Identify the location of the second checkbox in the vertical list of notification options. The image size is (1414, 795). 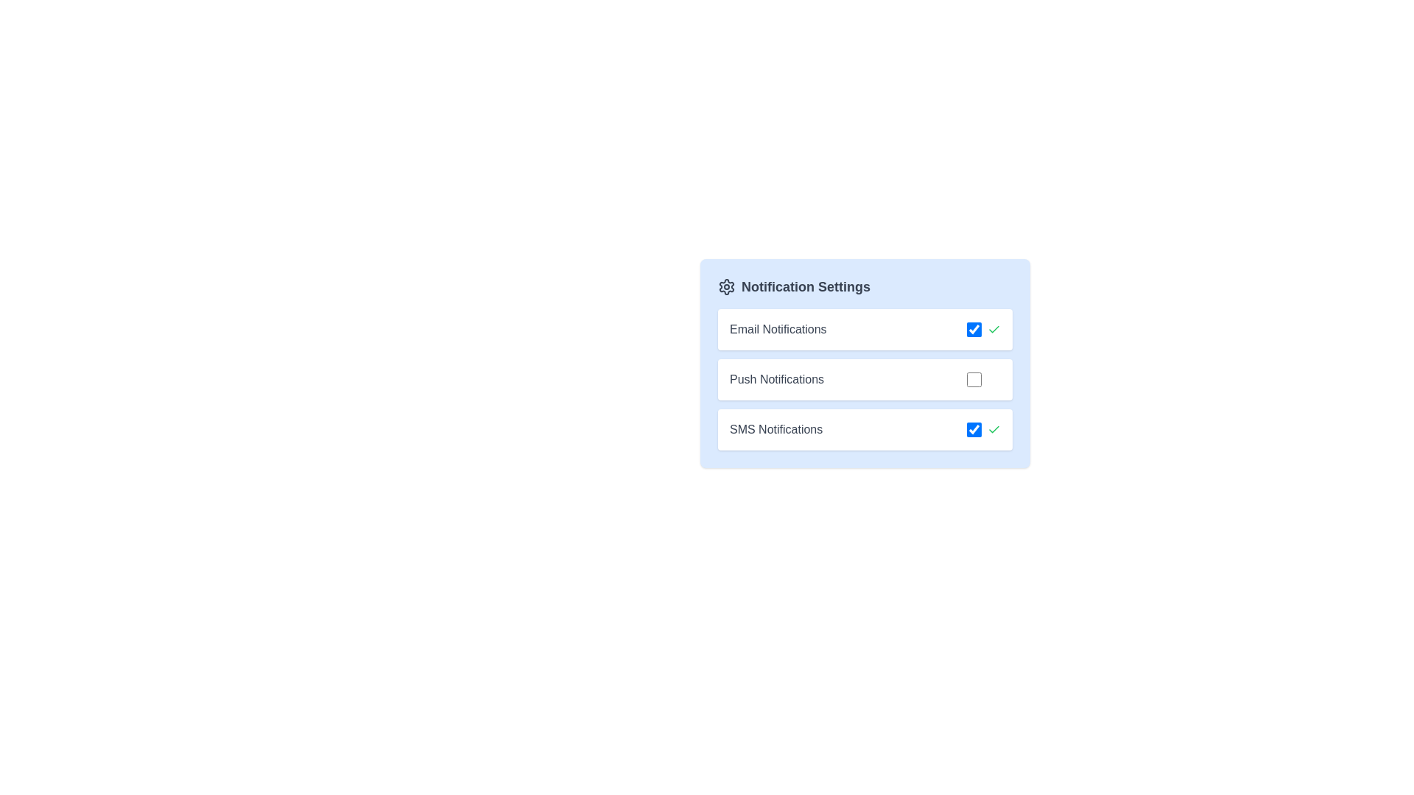
(974, 379).